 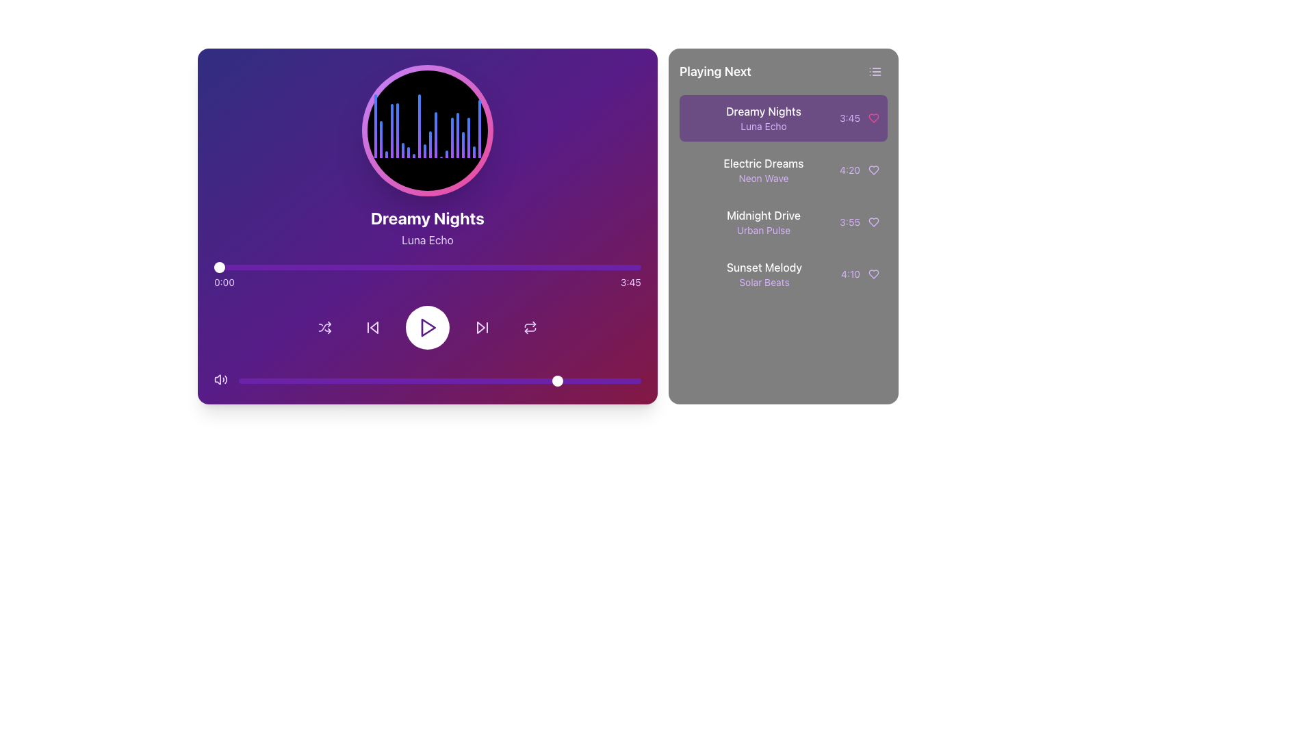 What do you see at coordinates (324, 327) in the screenshot?
I see `the shuffle button, an interactive SVG icon located in the media control group` at bounding box center [324, 327].